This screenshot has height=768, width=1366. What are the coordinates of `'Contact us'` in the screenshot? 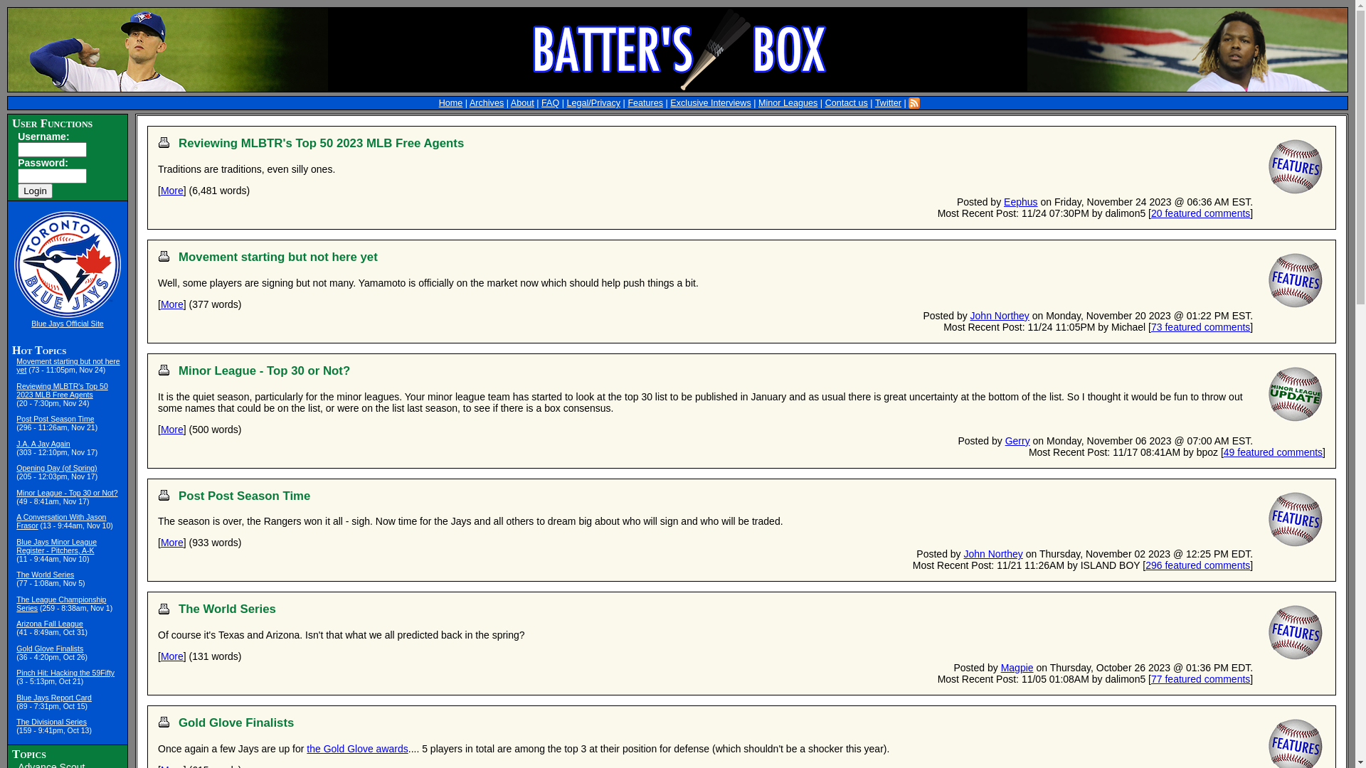 It's located at (847, 102).